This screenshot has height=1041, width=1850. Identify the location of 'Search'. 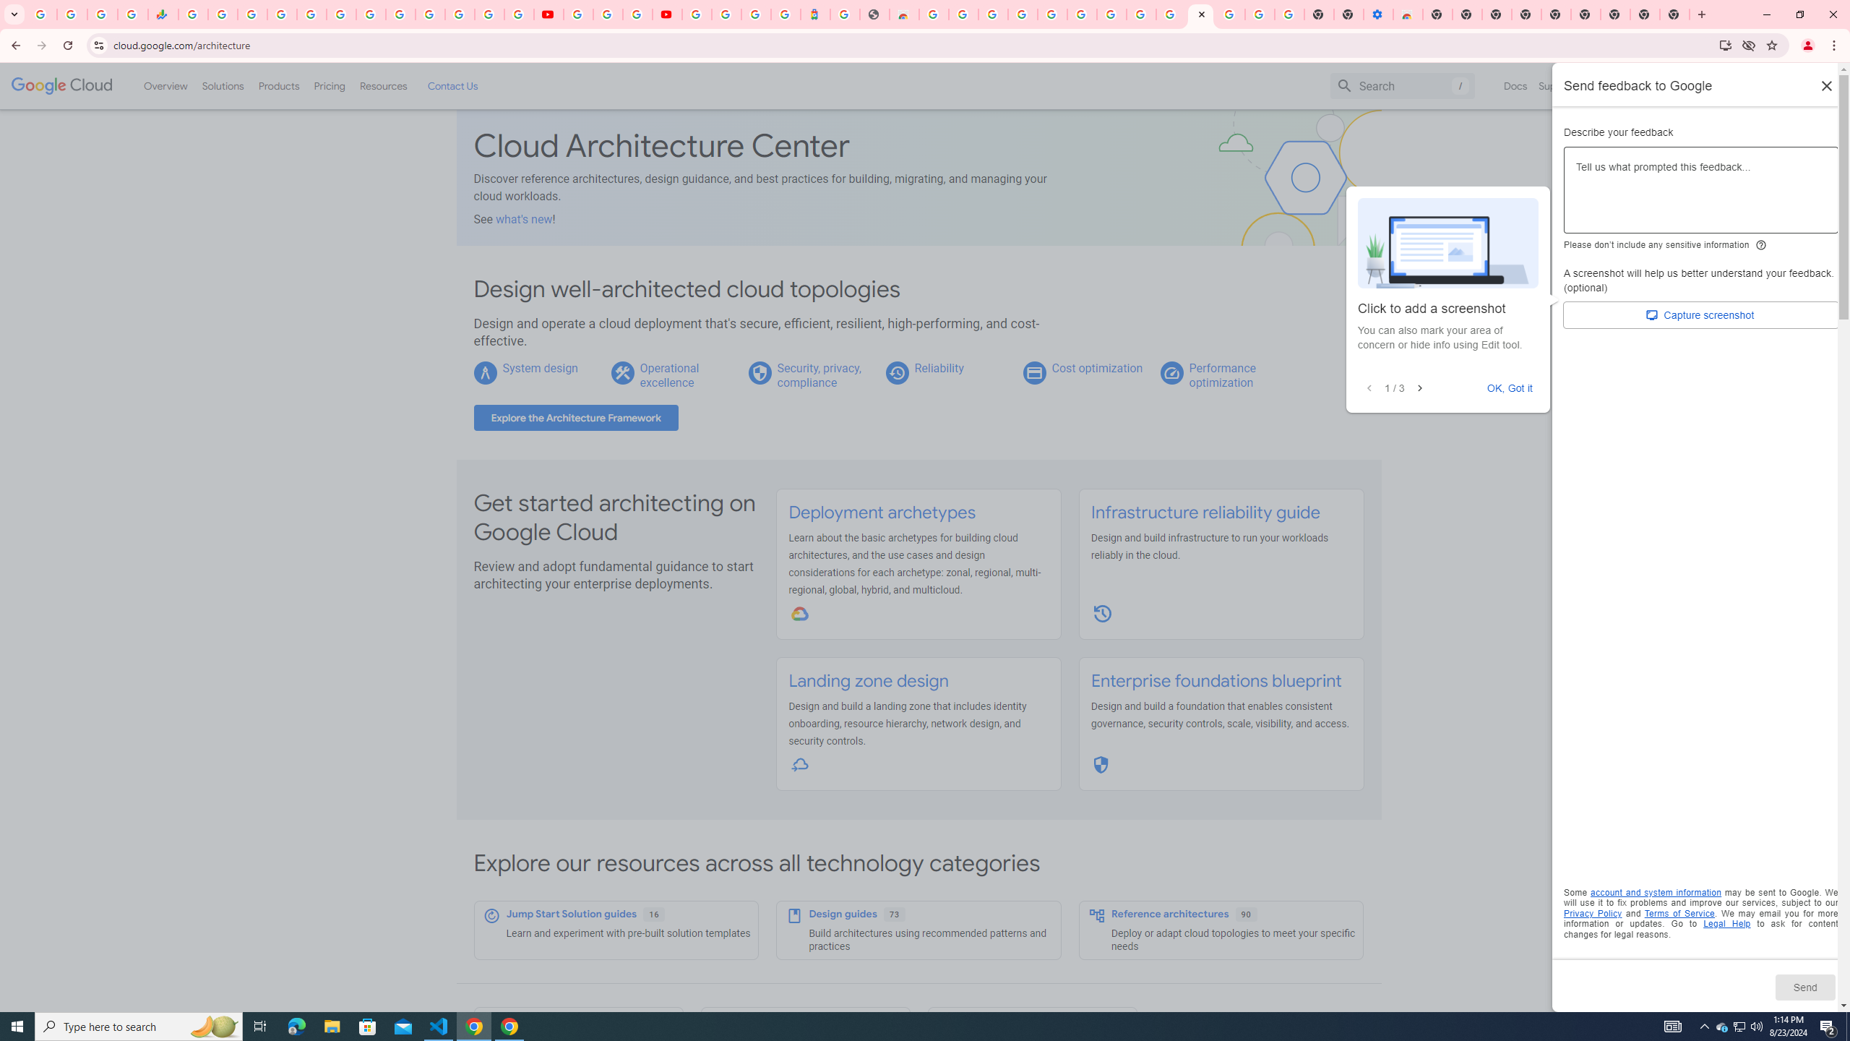
(1402, 85).